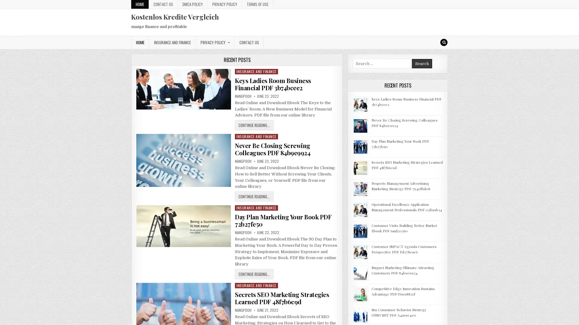  Describe the element at coordinates (422, 63) in the screenshot. I see `Search` at that location.